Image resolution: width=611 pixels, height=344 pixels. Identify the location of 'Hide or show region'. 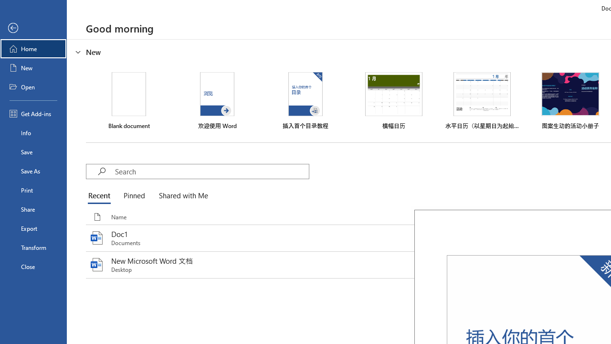
(78, 52).